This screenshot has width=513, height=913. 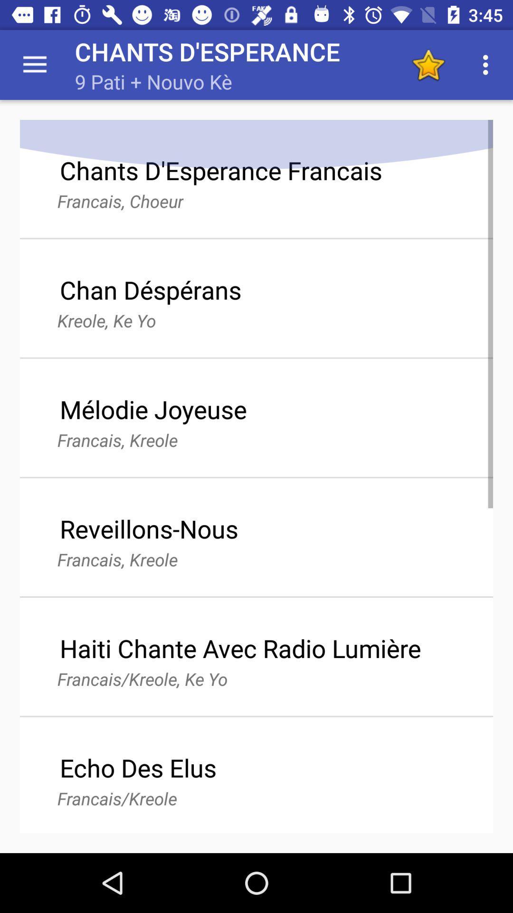 What do you see at coordinates (138, 767) in the screenshot?
I see `the icon below the francais kreole ke` at bounding box center [138, 767].